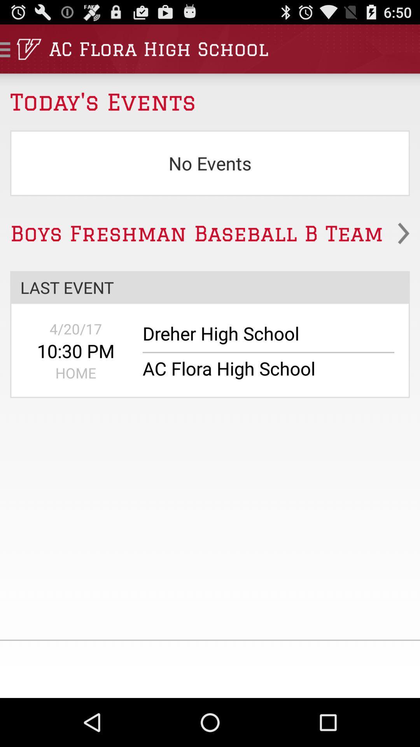  Describe the element at coordinates (210, 233) in the screenshot. I see `the item below the no events icon` at that location.